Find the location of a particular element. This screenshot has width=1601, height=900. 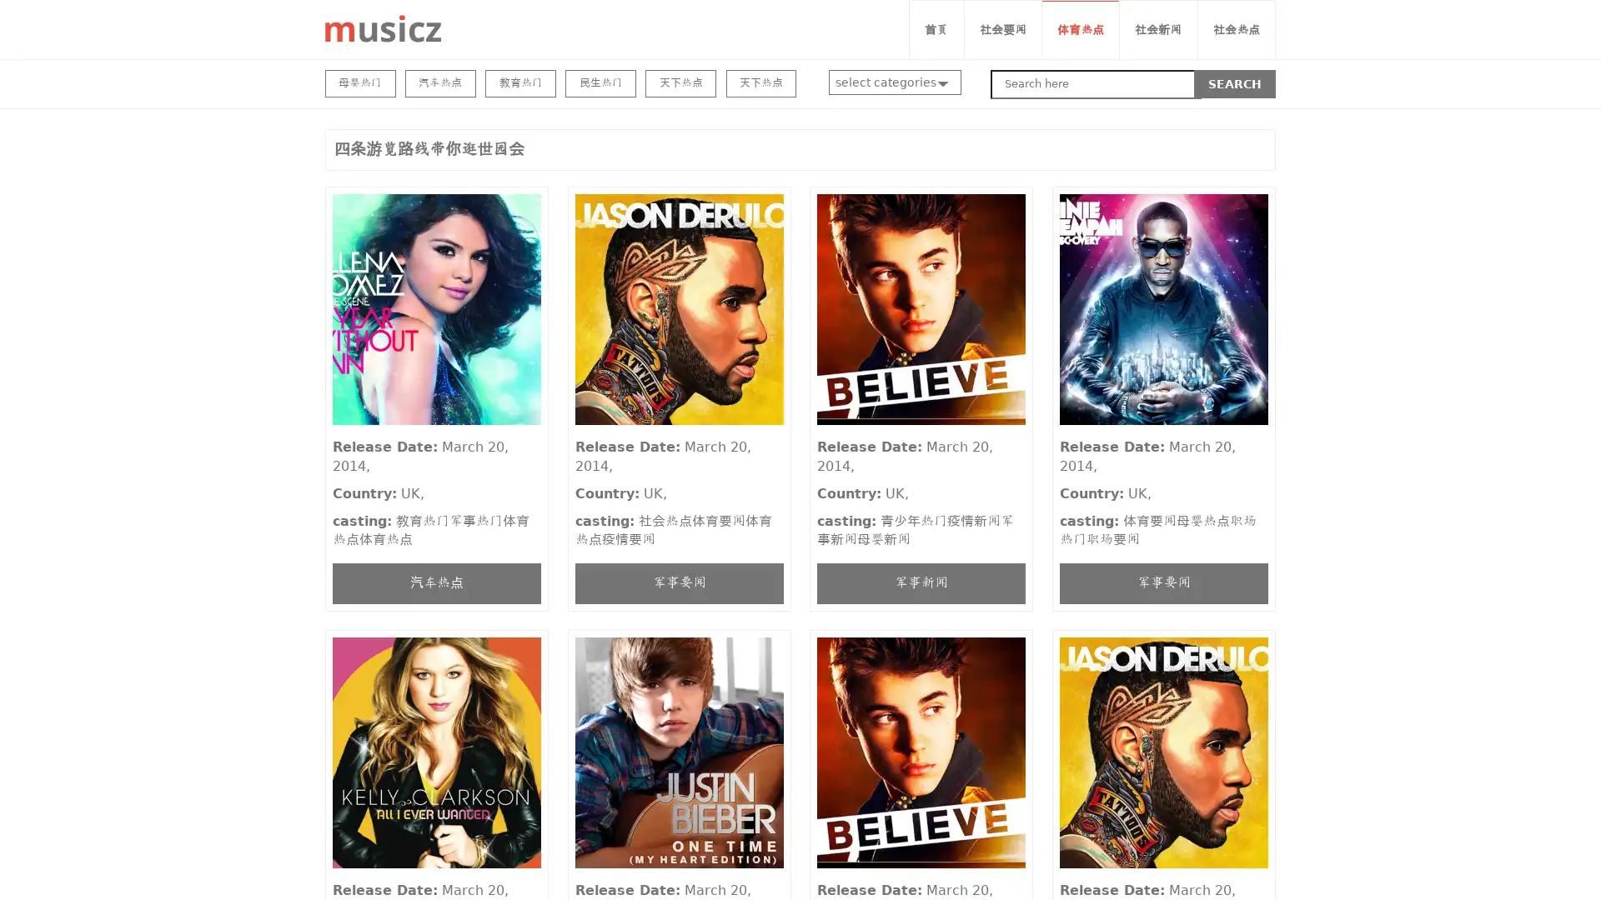

search is located at coordinates (1235, 83).